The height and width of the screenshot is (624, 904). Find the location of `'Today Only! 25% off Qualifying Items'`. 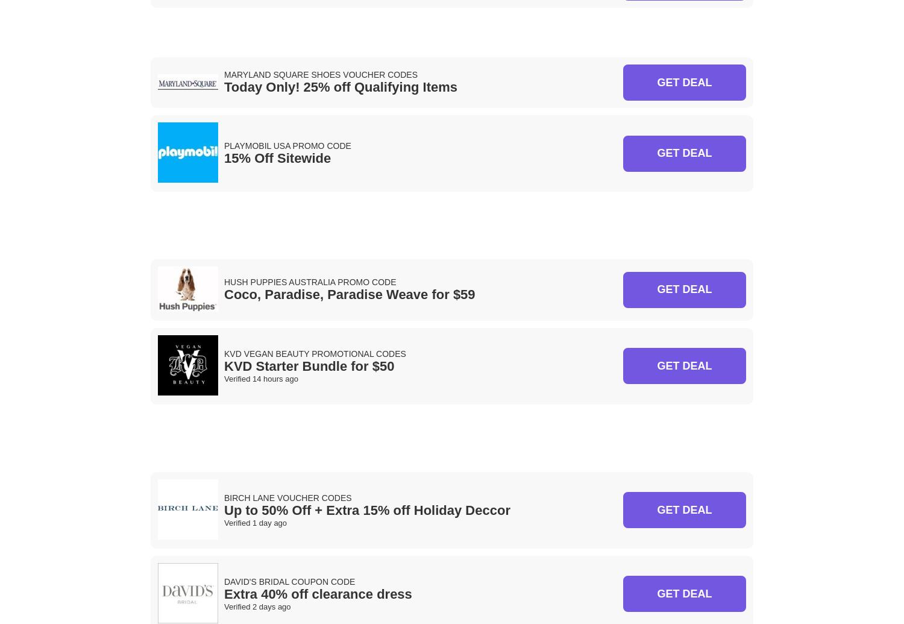

'Today Only! 25% off Qualifying Items' is located at coordinates (340, 87).